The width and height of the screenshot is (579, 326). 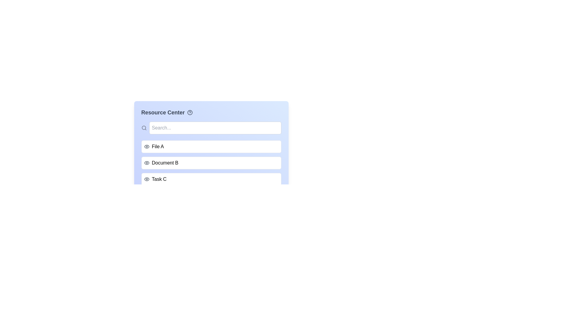 I want to click on search icon element located in the top-left section of the search bar within the 'Resource Center' toolbar using developer tools, so click(x=143, y=127).